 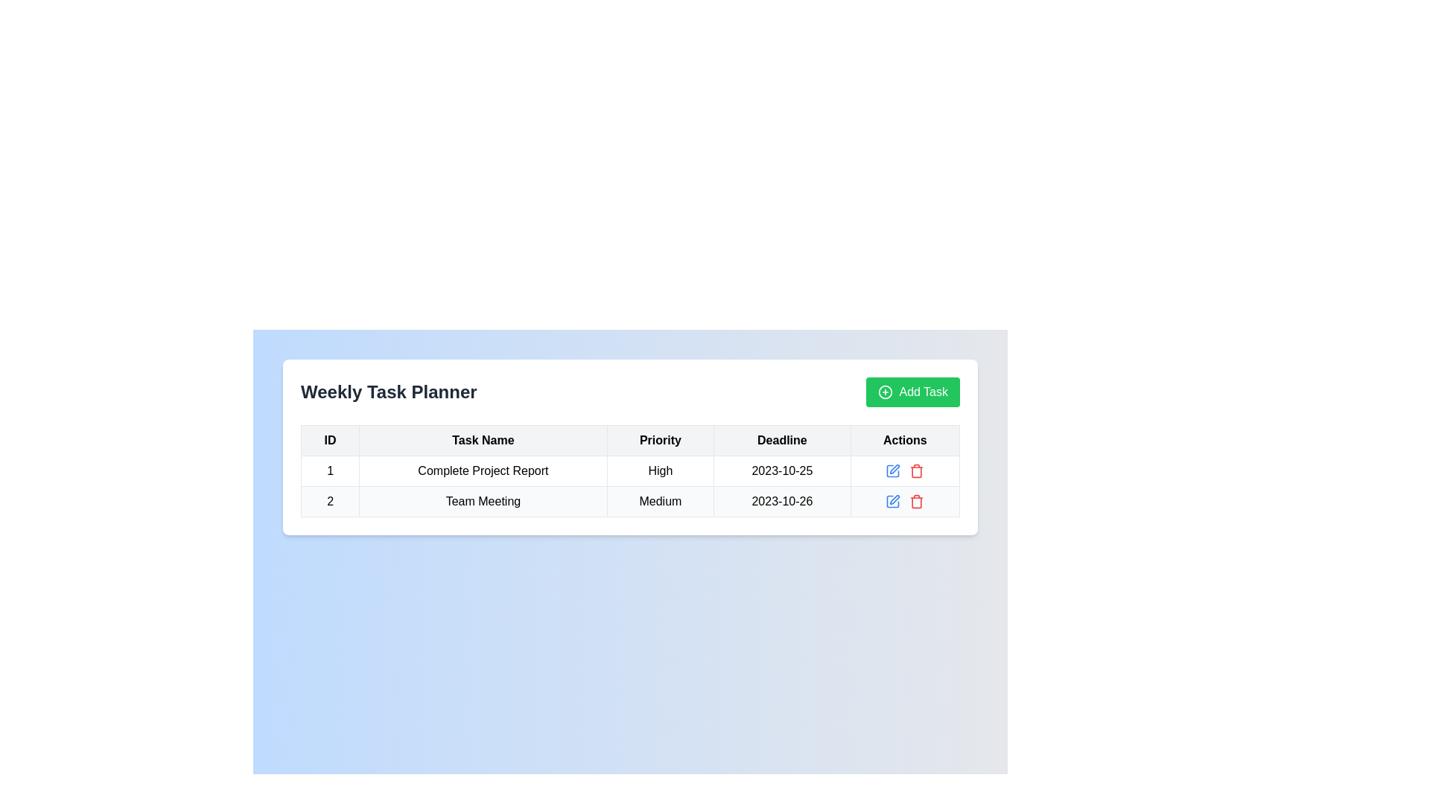 What do you see at coordinates (904, 502) in the screenshot?
I see `the edit icon in the Interactive control cell located in the last column of the row for the task 'Team Meeting' to modify the task` at bounding box center [904, 502].